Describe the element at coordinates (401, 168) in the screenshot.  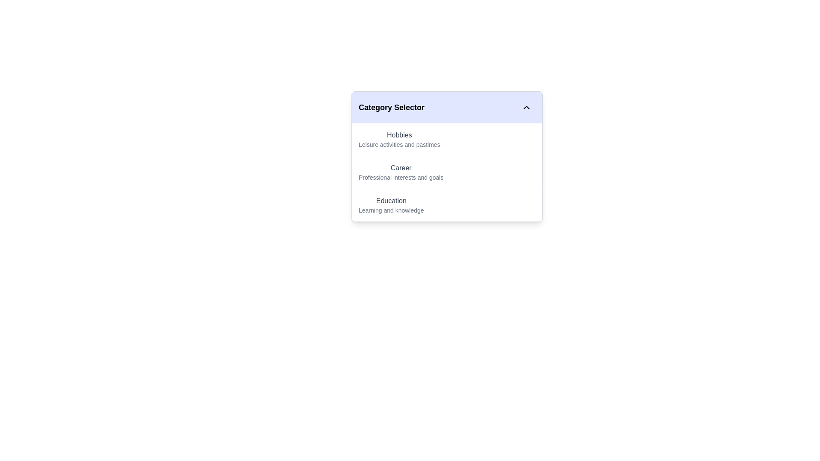
I see `the 'Career' text label, which is styled with a medium font weight and gray color, positioned prominently in a card-like component within a vertical list of categories` at that location.